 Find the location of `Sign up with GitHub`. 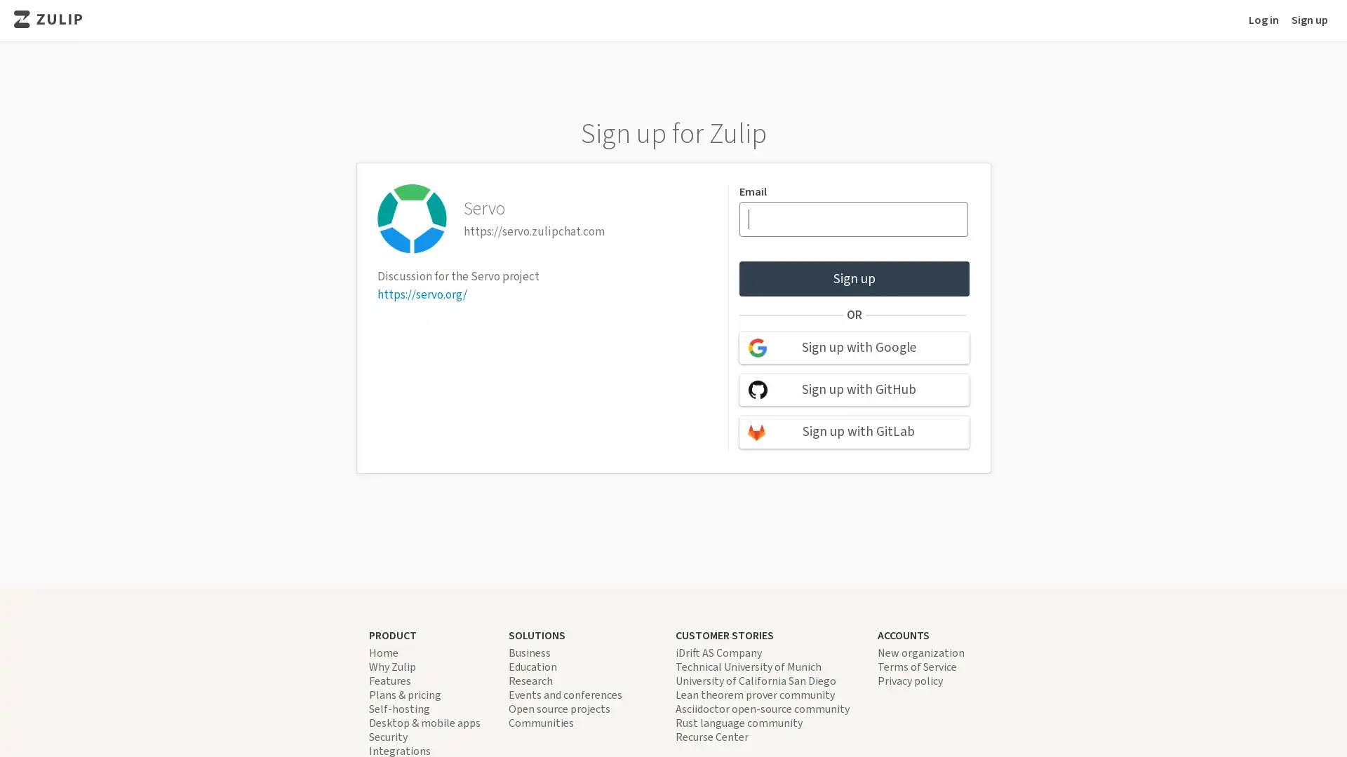

Sign up with GitHub is located at coordinates (853, 390).